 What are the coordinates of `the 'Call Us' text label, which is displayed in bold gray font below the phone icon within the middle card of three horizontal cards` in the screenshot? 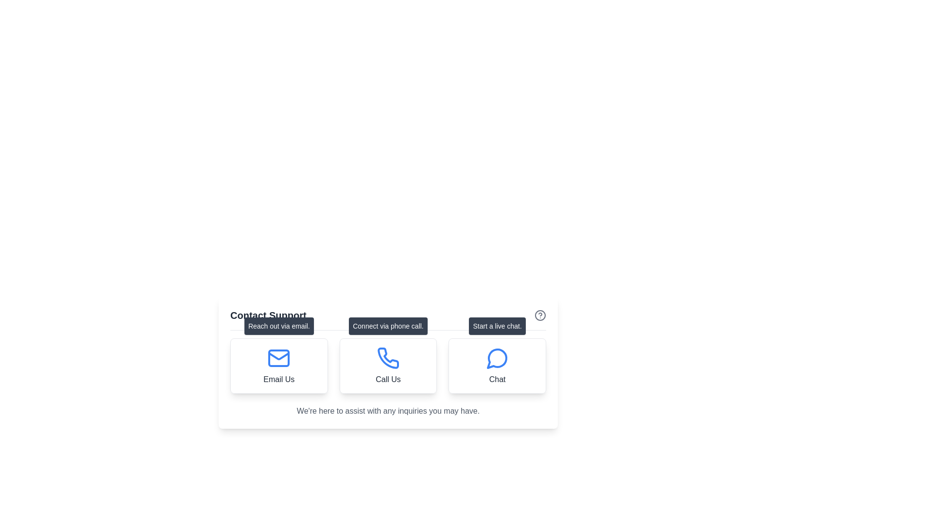 It's located at (387, 379).